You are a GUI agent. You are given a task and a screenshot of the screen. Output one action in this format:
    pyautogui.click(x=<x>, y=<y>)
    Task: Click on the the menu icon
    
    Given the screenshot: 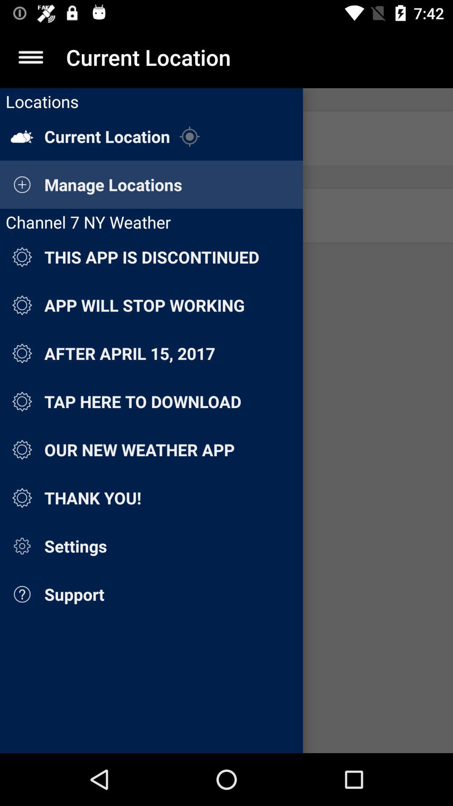 What is the action you would take?
    pyautogui.click(x=30, y=57)
    